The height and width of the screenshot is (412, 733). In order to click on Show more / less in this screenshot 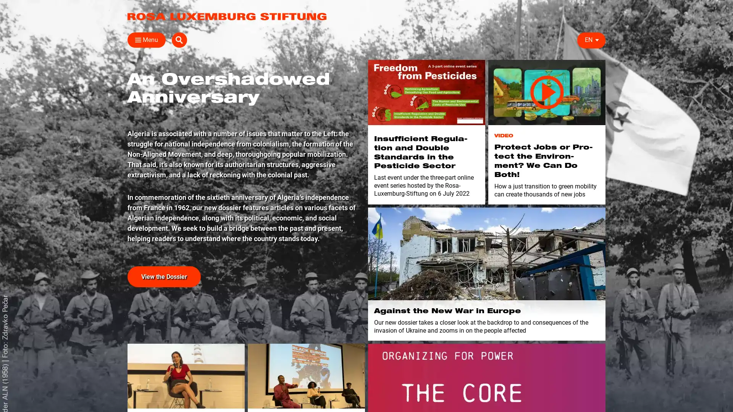, I will do `click(243, 102)`.